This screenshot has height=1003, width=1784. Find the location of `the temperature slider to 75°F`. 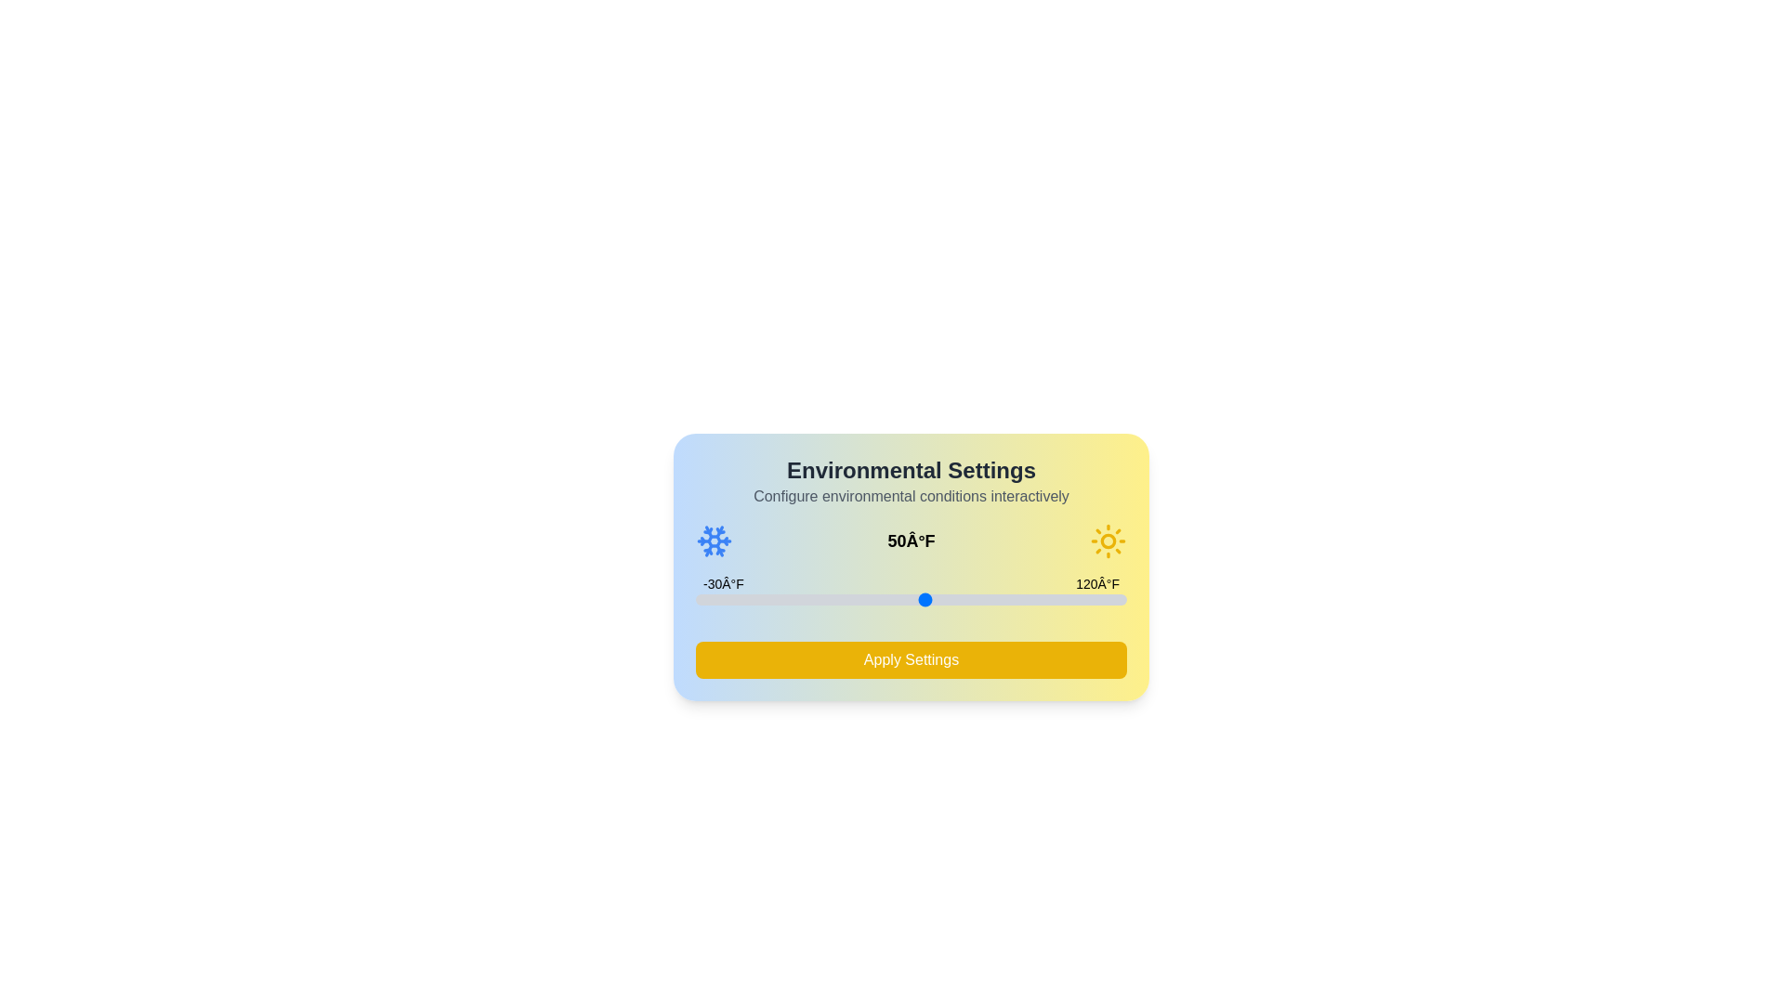

the temperature slider to 75°F is located at coordinates (996, 599).